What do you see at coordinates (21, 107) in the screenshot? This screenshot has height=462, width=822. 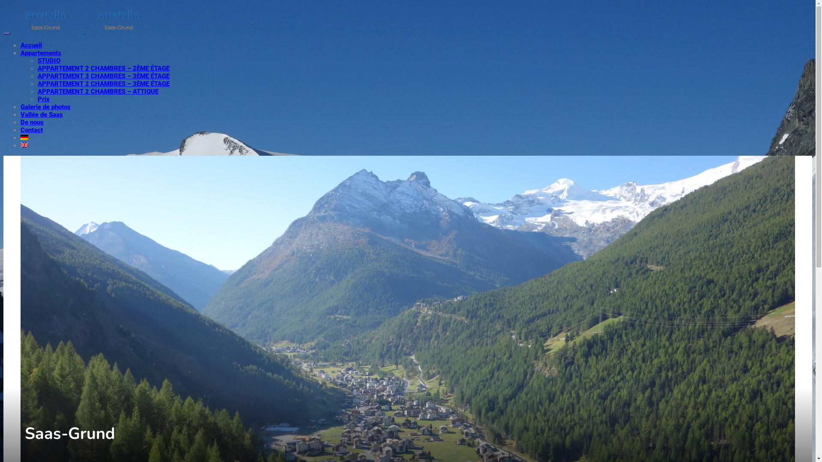 I see `'Galerie de photos'` at bounding box center [21, 107].